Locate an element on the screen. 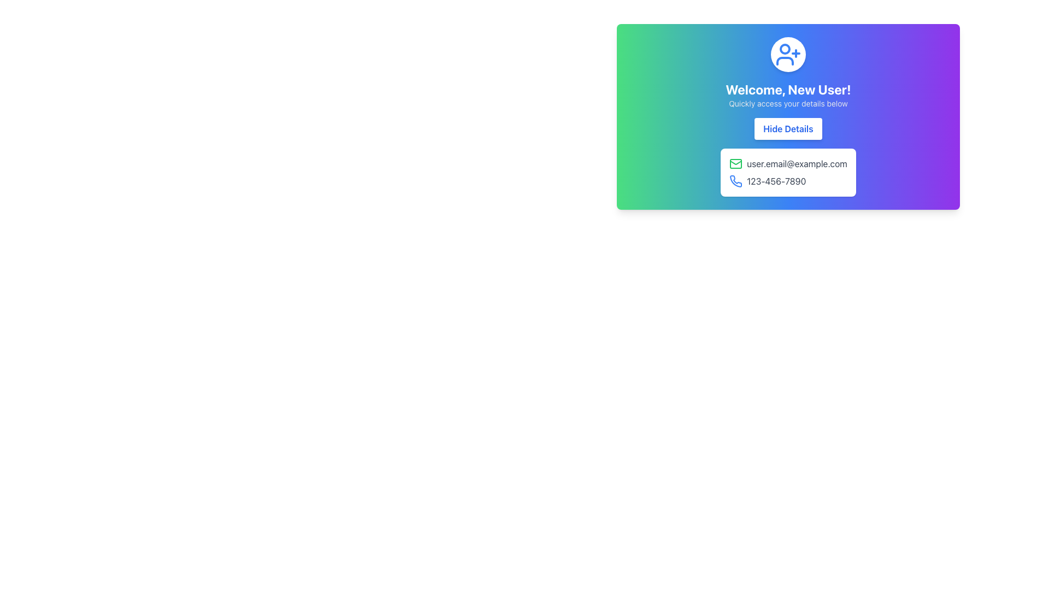 Image resolution: width=1049 pixels, height=590 pixels. the static text displaying the formatted phone number, located to the right of the telephone icon and below the email address block within the user details card is located at coordinates (776, 180).